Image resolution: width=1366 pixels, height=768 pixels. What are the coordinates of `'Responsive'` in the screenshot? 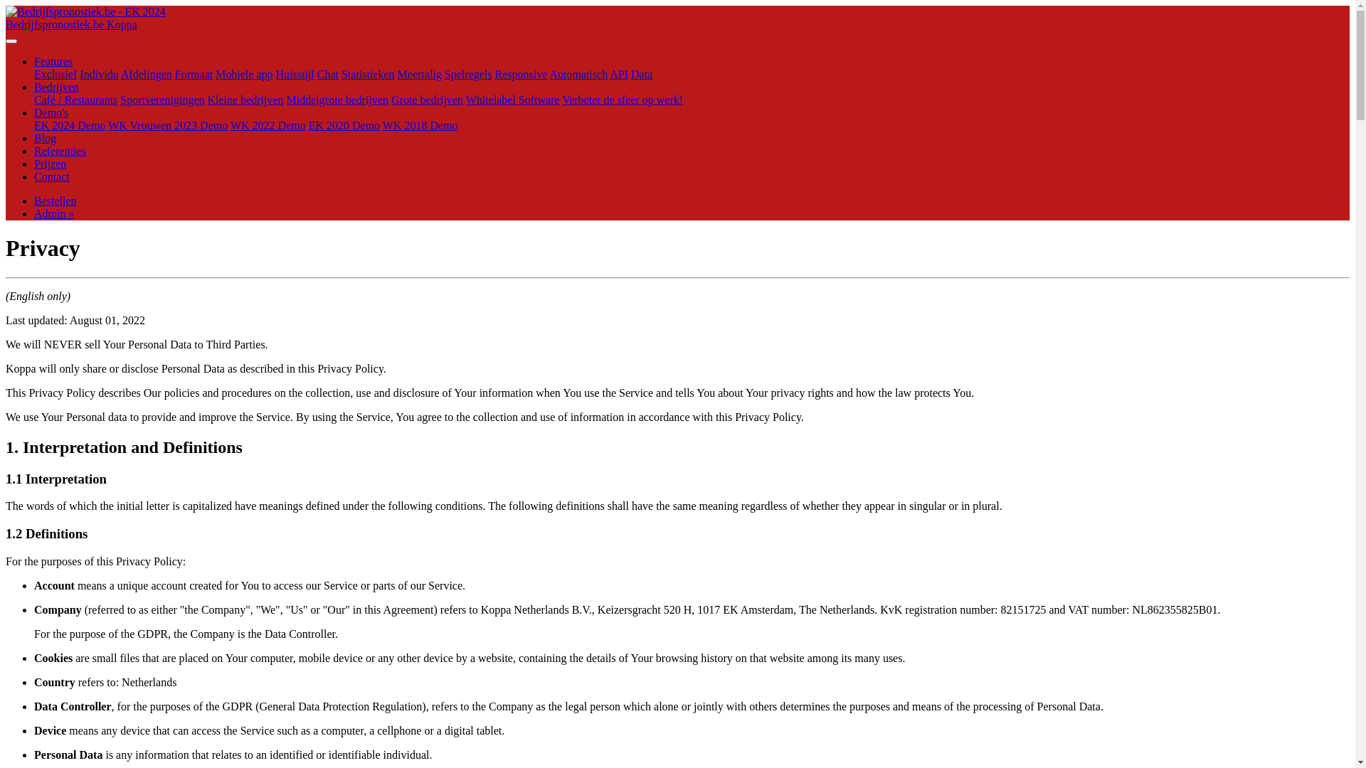 It's located at (494, 74).